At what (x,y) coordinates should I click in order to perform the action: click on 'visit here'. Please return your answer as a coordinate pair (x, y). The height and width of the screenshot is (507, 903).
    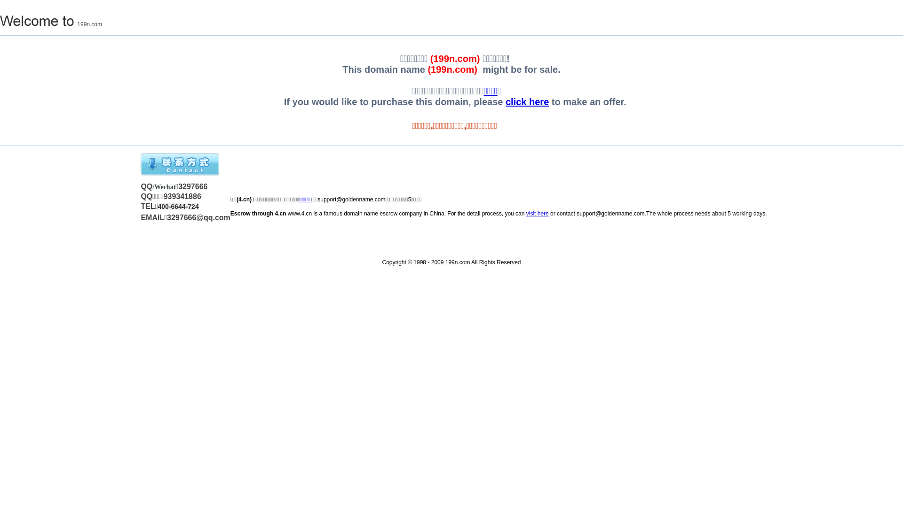
    Looking at the image, I should click on (537, 214).